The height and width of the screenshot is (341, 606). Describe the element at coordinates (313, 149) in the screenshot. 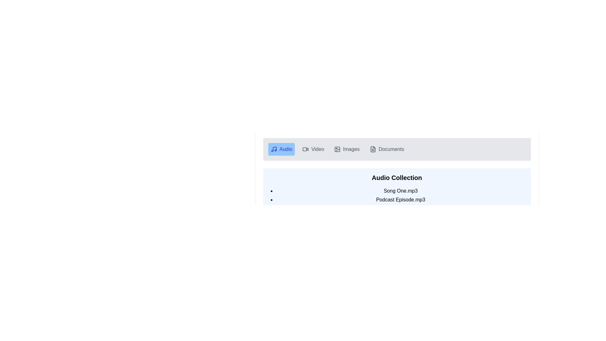

I see `the Video button, which is the second button in a row of navigational buttons labeled 'Audio', 'Video', 'Images', and 'Documents'. This button is intended to change the view` at that location.